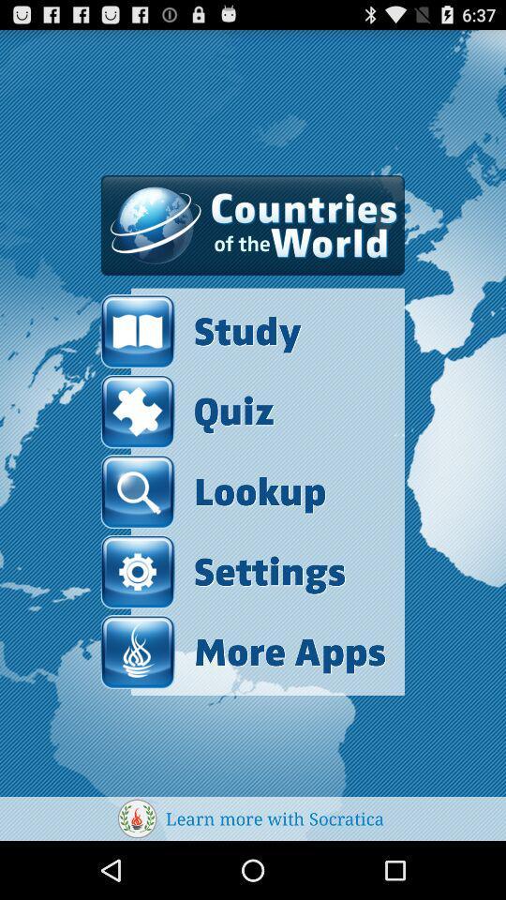 This screenshot has width=506, height=900. What do you see at coordinates (187, 412) in the screenshot?
I see `quiz icon` at bounding box center [187, 412].